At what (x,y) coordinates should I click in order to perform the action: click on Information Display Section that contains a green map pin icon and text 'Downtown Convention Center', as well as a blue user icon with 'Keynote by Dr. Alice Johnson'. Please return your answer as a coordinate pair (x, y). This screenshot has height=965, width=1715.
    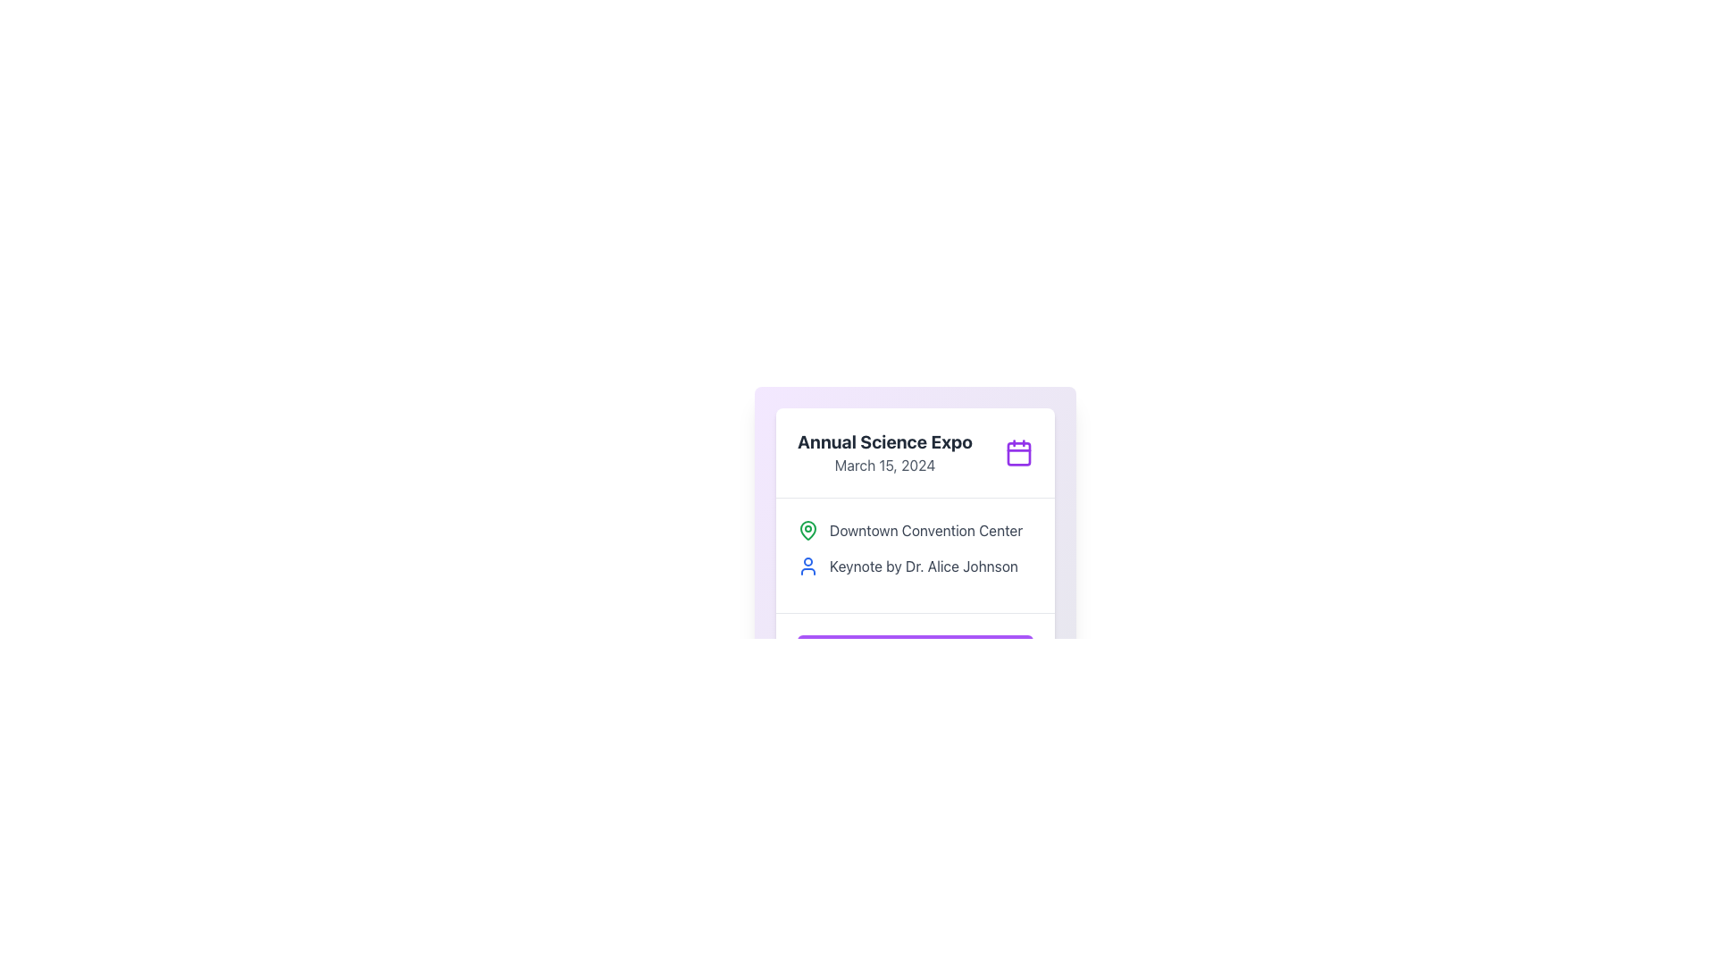
    Looking at the image, I should click on (916, 554).